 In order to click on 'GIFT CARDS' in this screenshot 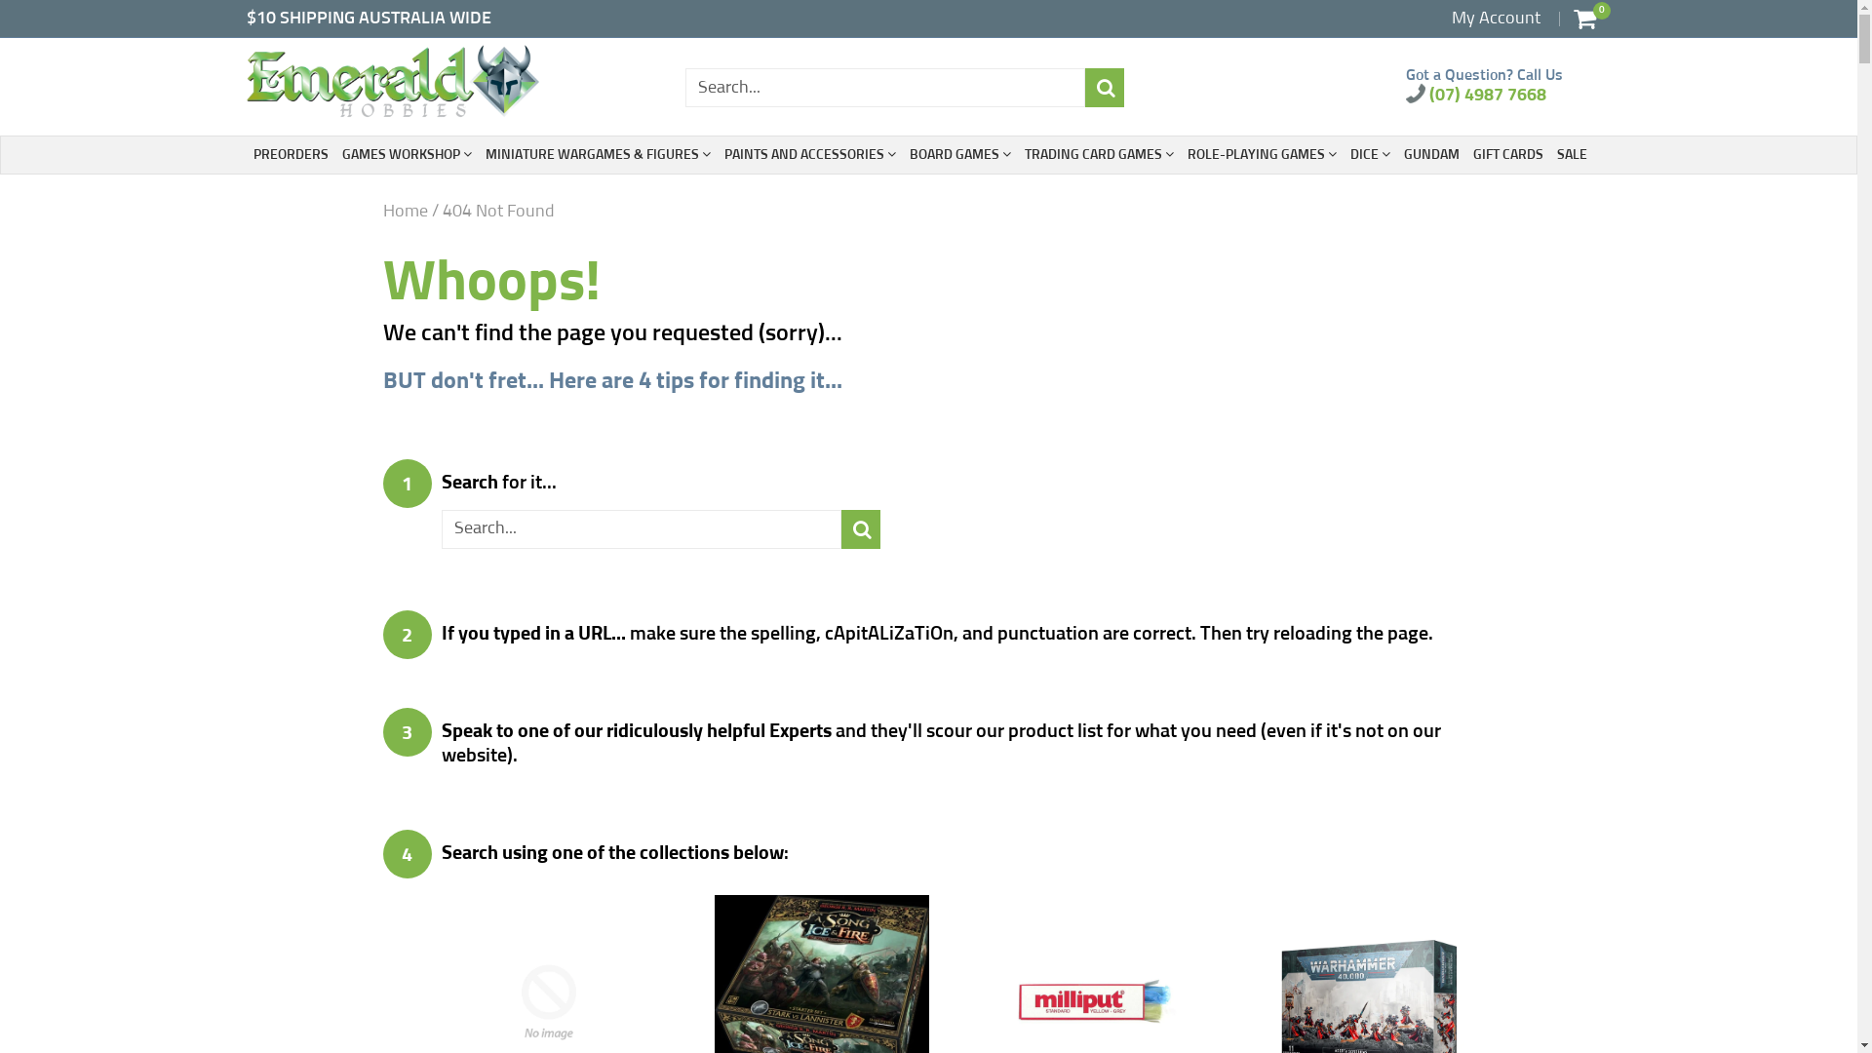, I will do `click(1505, 153)`.